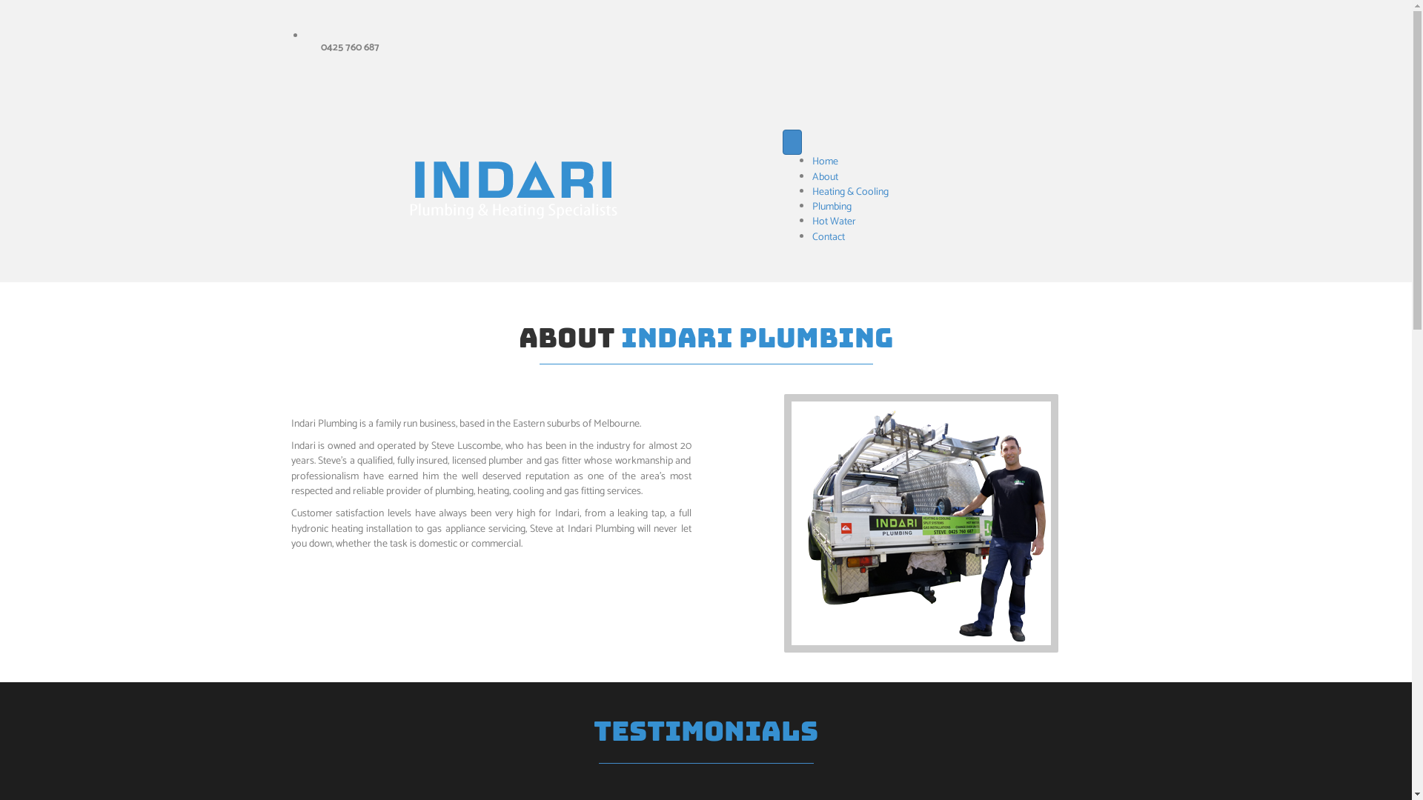 The width and height of the screenshot is (1423, 800). I want to click on 'Contact', so click(828, 236).